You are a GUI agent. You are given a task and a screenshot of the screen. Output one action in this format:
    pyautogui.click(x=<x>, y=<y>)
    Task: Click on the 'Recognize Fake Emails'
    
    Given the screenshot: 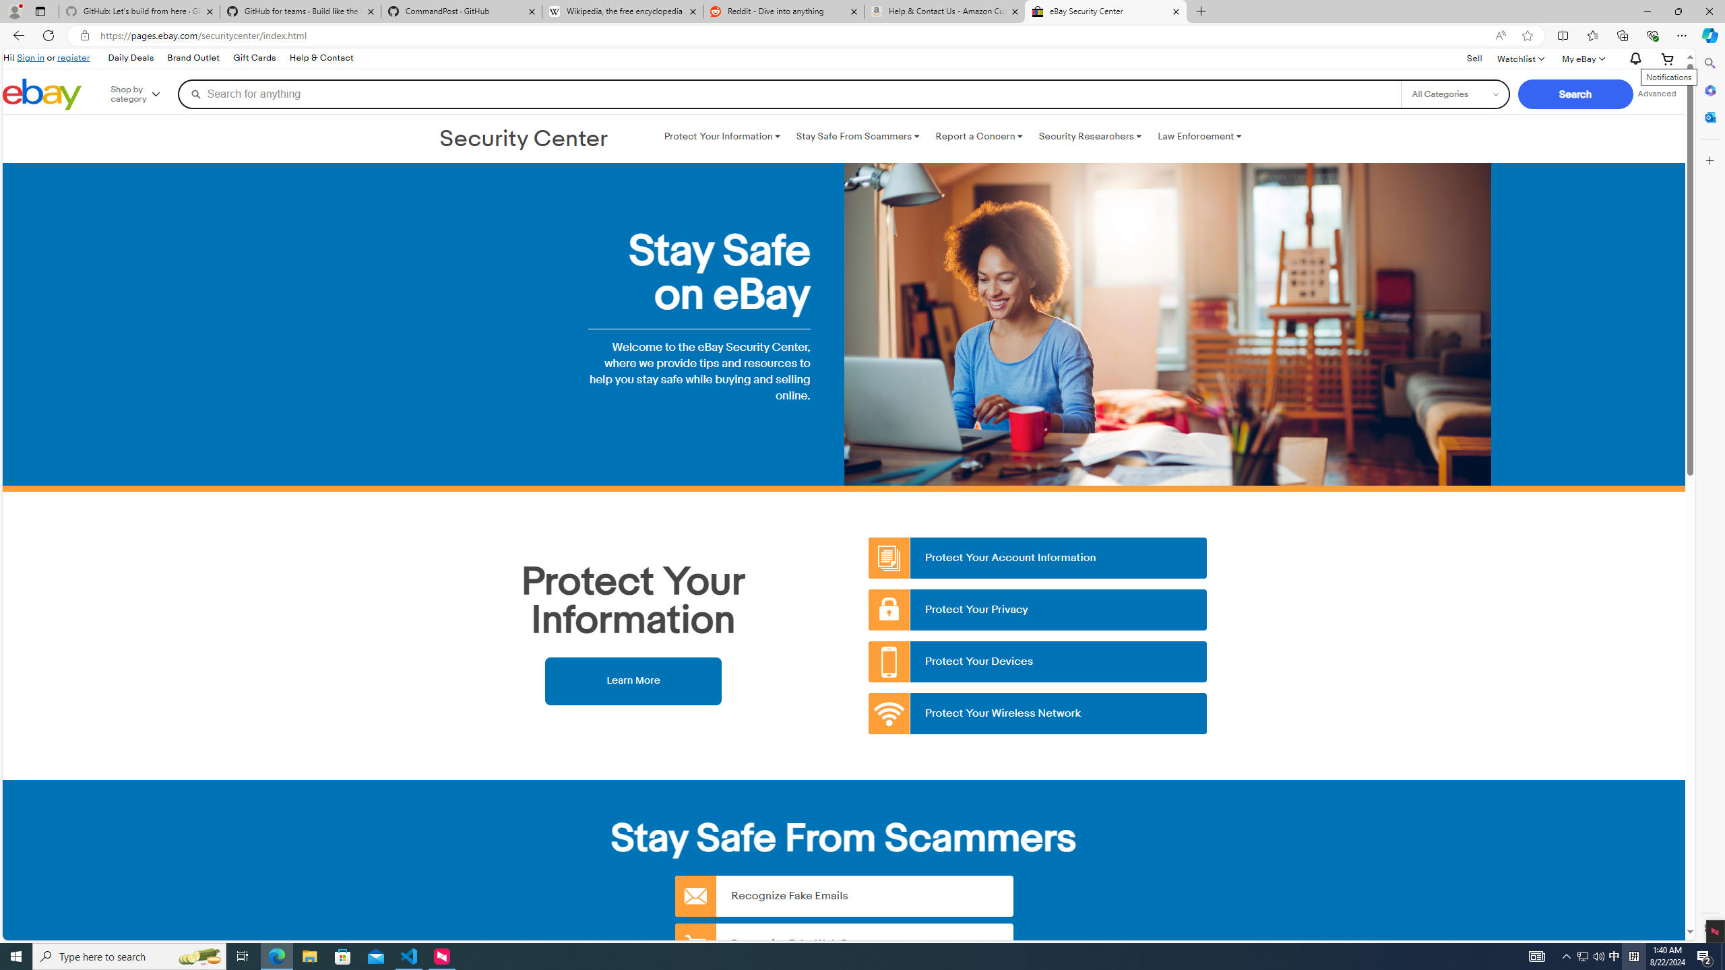 What is the action you would take?
    pyautogui.click(x=844, y=895)
    